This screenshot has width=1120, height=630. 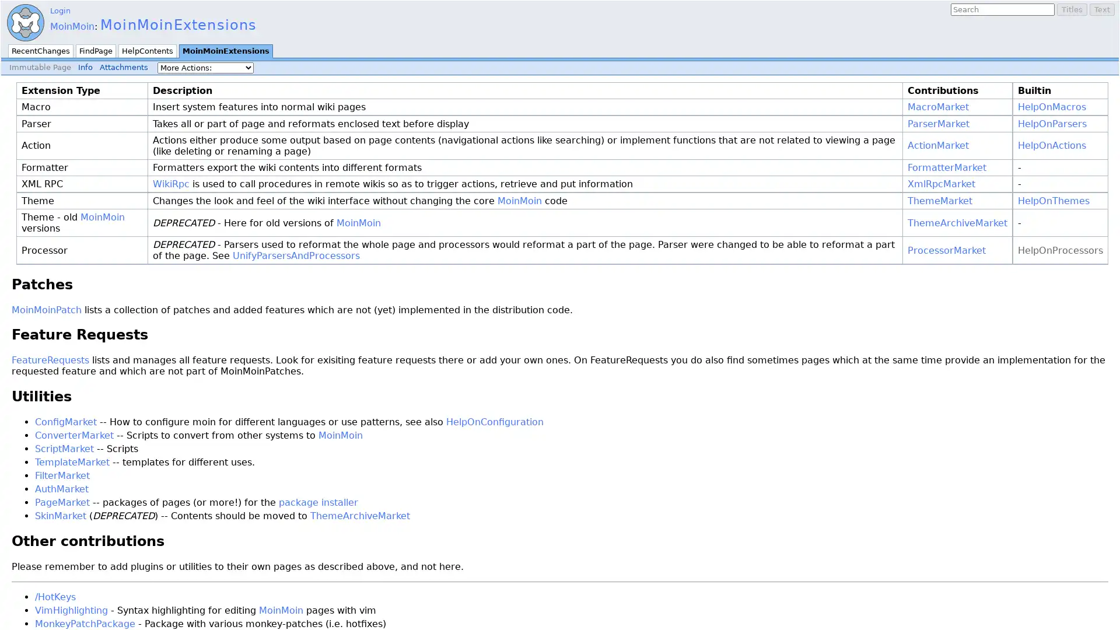 I want to click on Text, so click(x=1101, y=9).